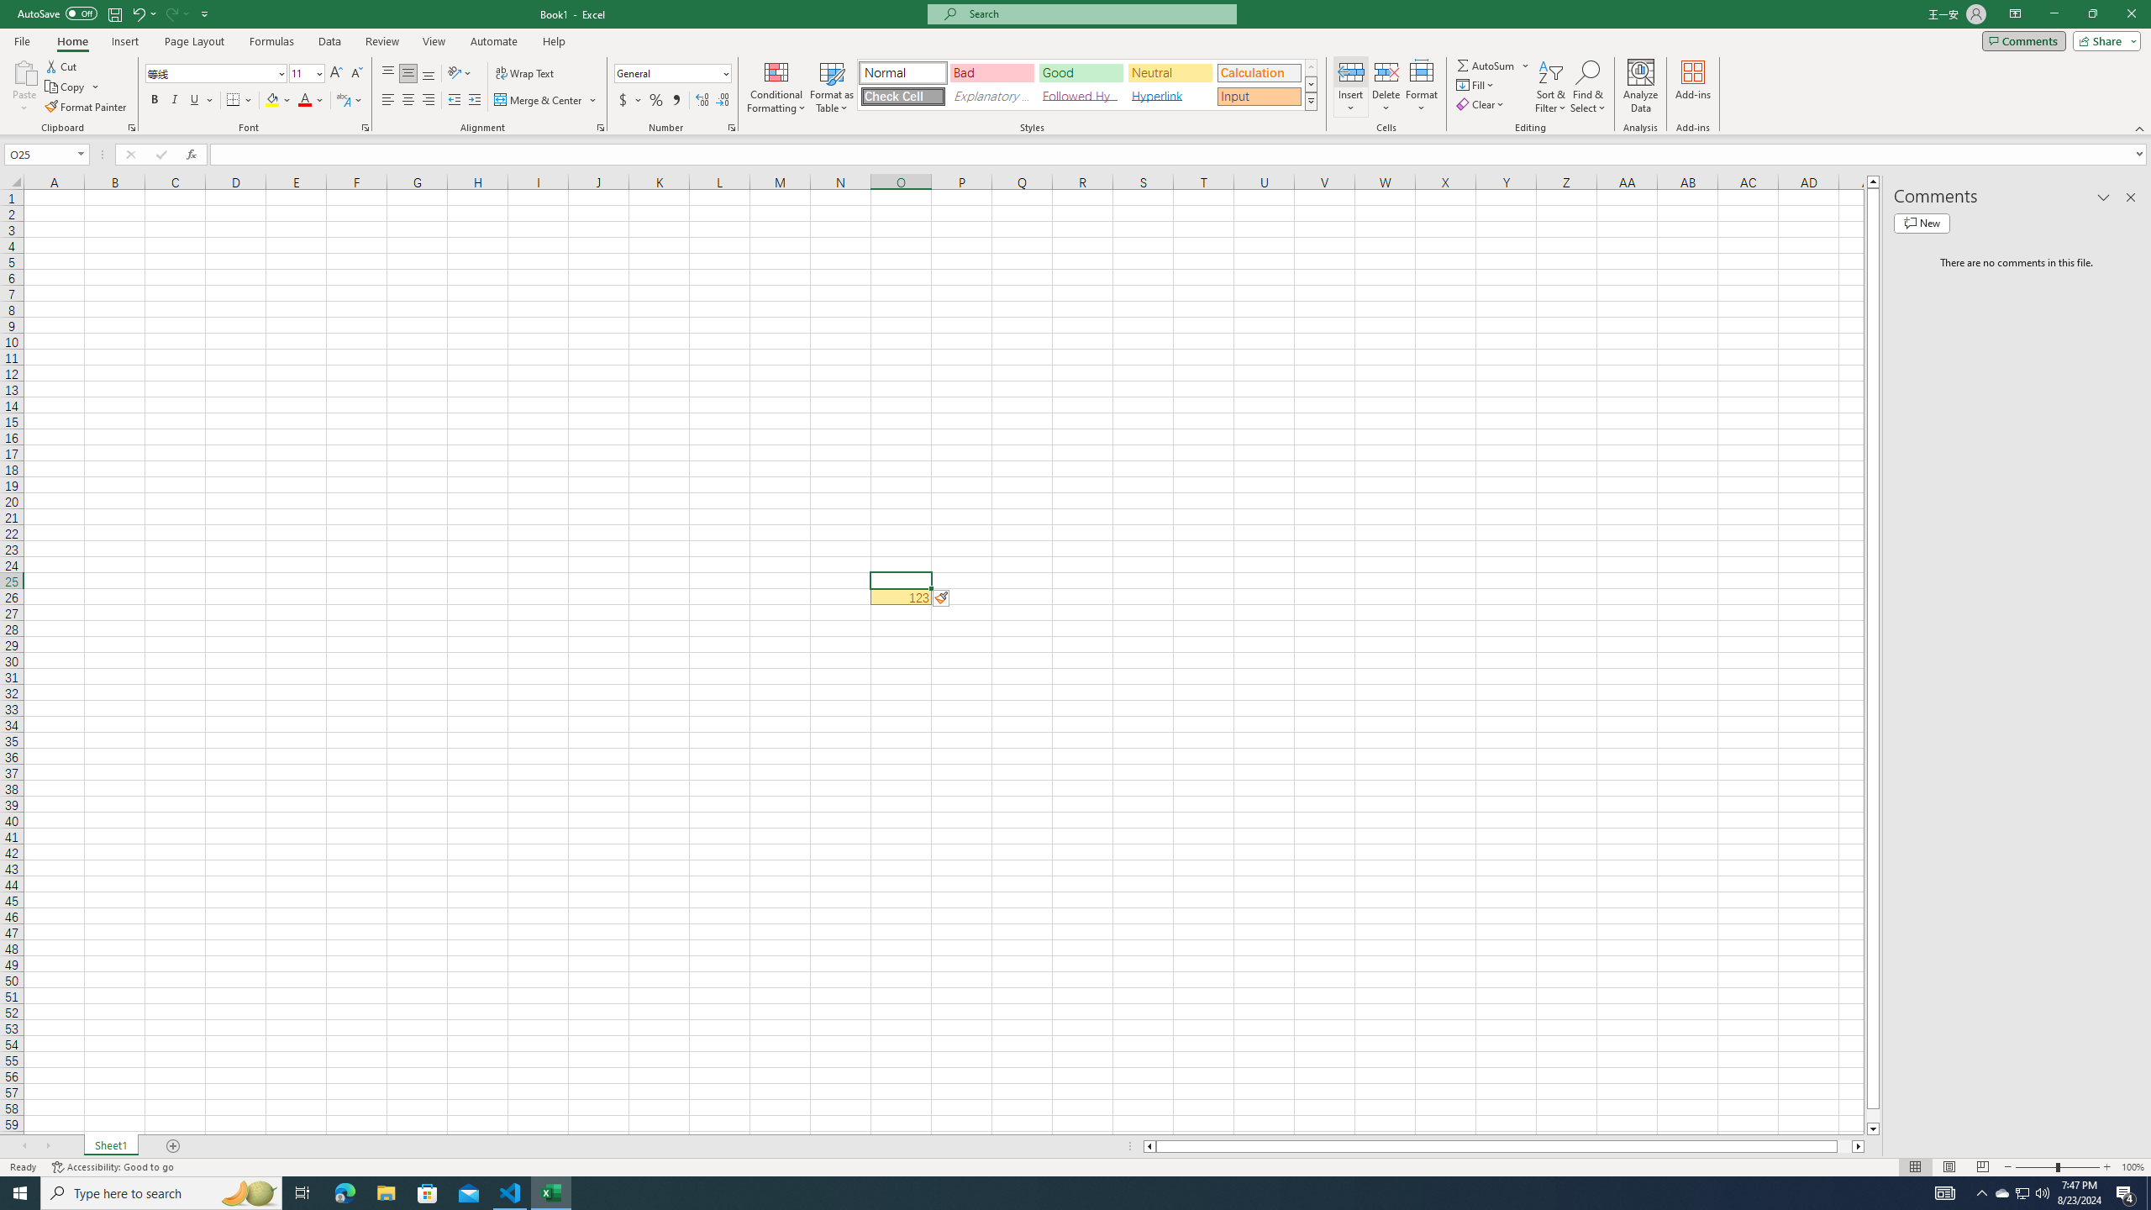 Image resolution: width=2151 pixels, height=1210 pixels. I want to click on 'Copy', so click(72, 87).